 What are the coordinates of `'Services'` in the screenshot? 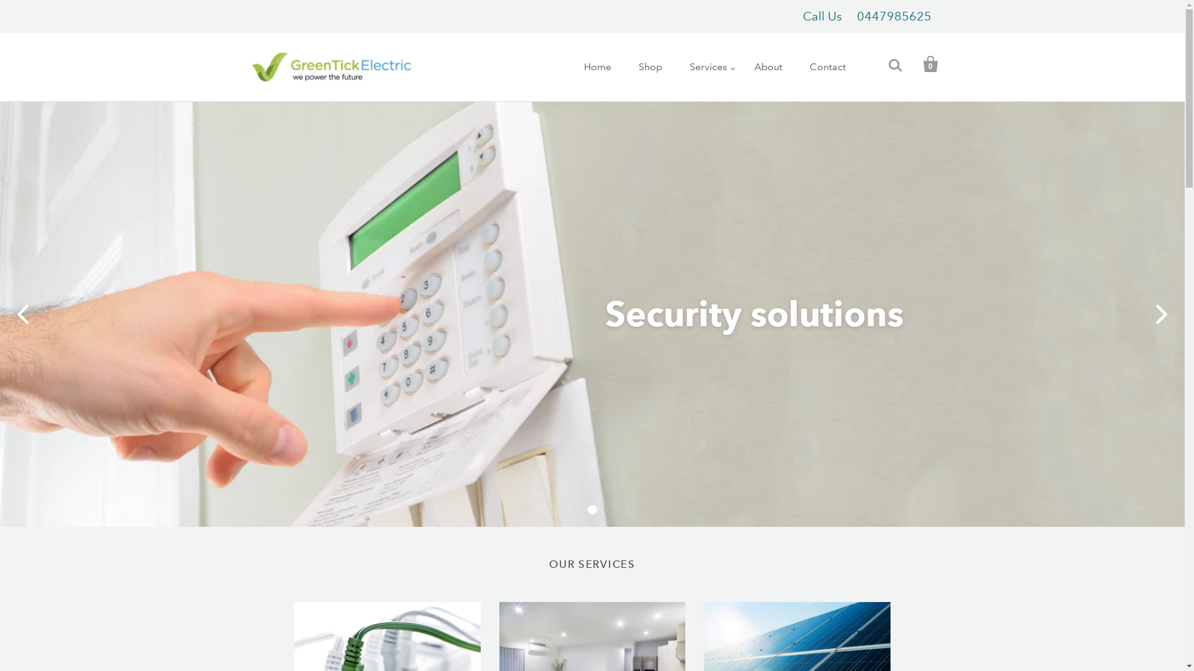 It's located at (676, 66).